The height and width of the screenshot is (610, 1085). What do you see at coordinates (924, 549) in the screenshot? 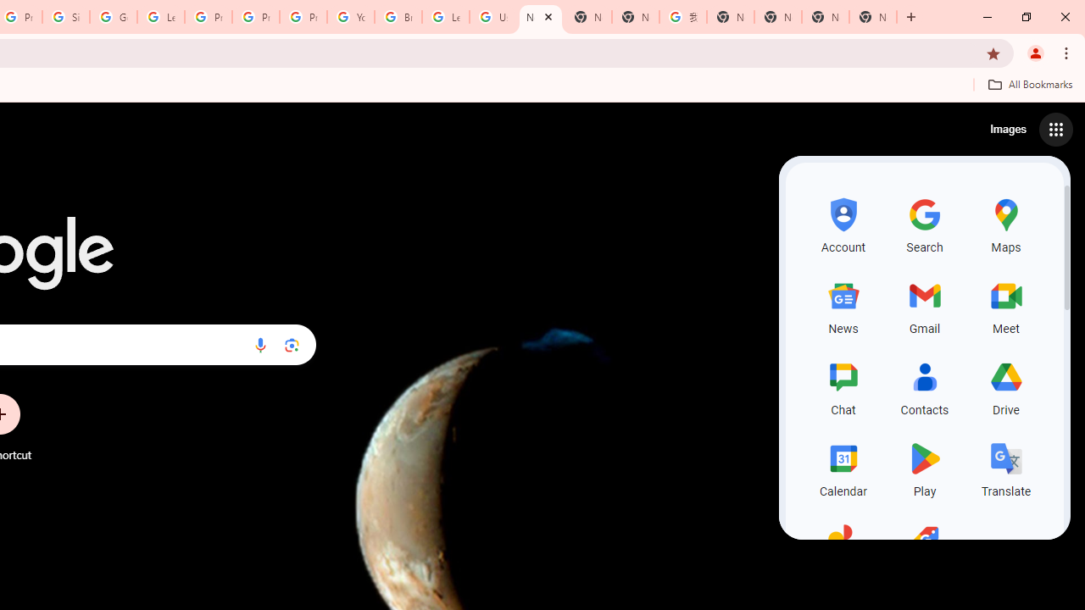
I see `'Shopping, row 5 of 5 and column 2 of 3 in the first section'` at bounding box center [924, 549].